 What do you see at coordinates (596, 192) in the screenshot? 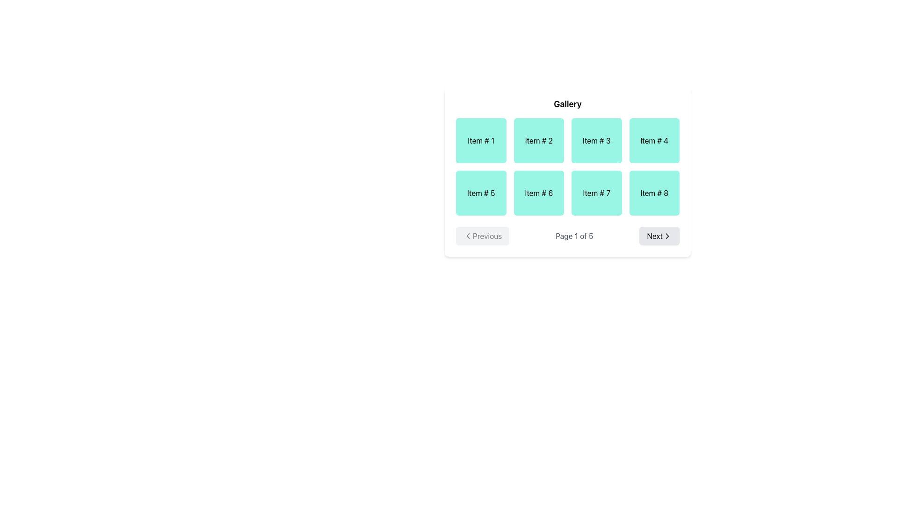
I see `text displayed in the text label that shows 'Item # 7', which is centrally aligned in a teal rectangular background and is positioned as the seventh item in the gallery grid` at bounding box center [596, 192].